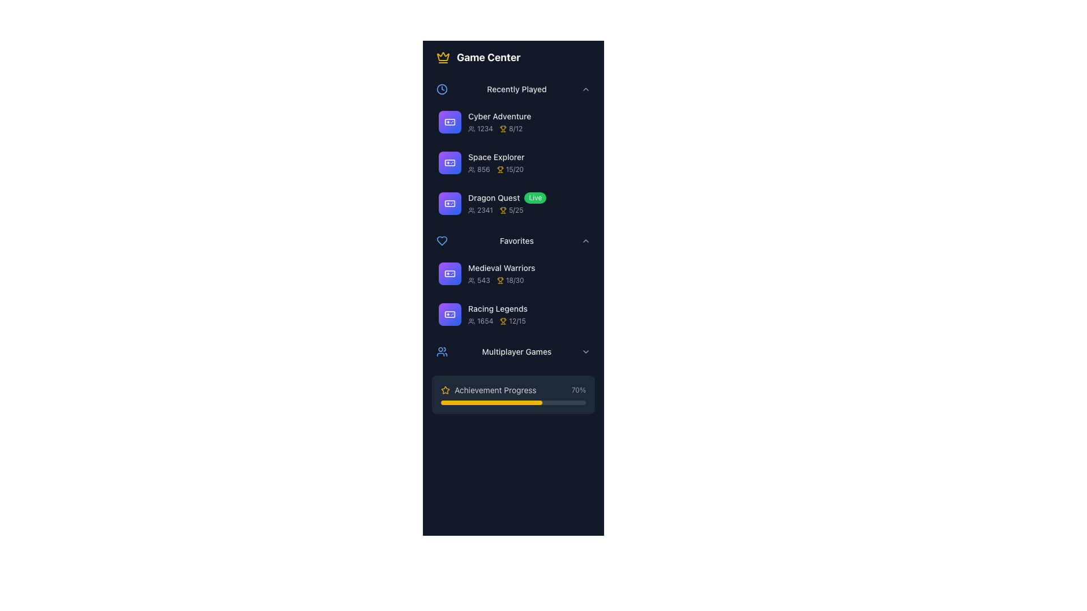 This screenshot has width=1087, height=611. Describe the element at coordinates (499, 280) in the screenshot. I see `the trophy icon indicating achievements in the 'Medieval Warriors' game entry under 'Favorites'` at that location.